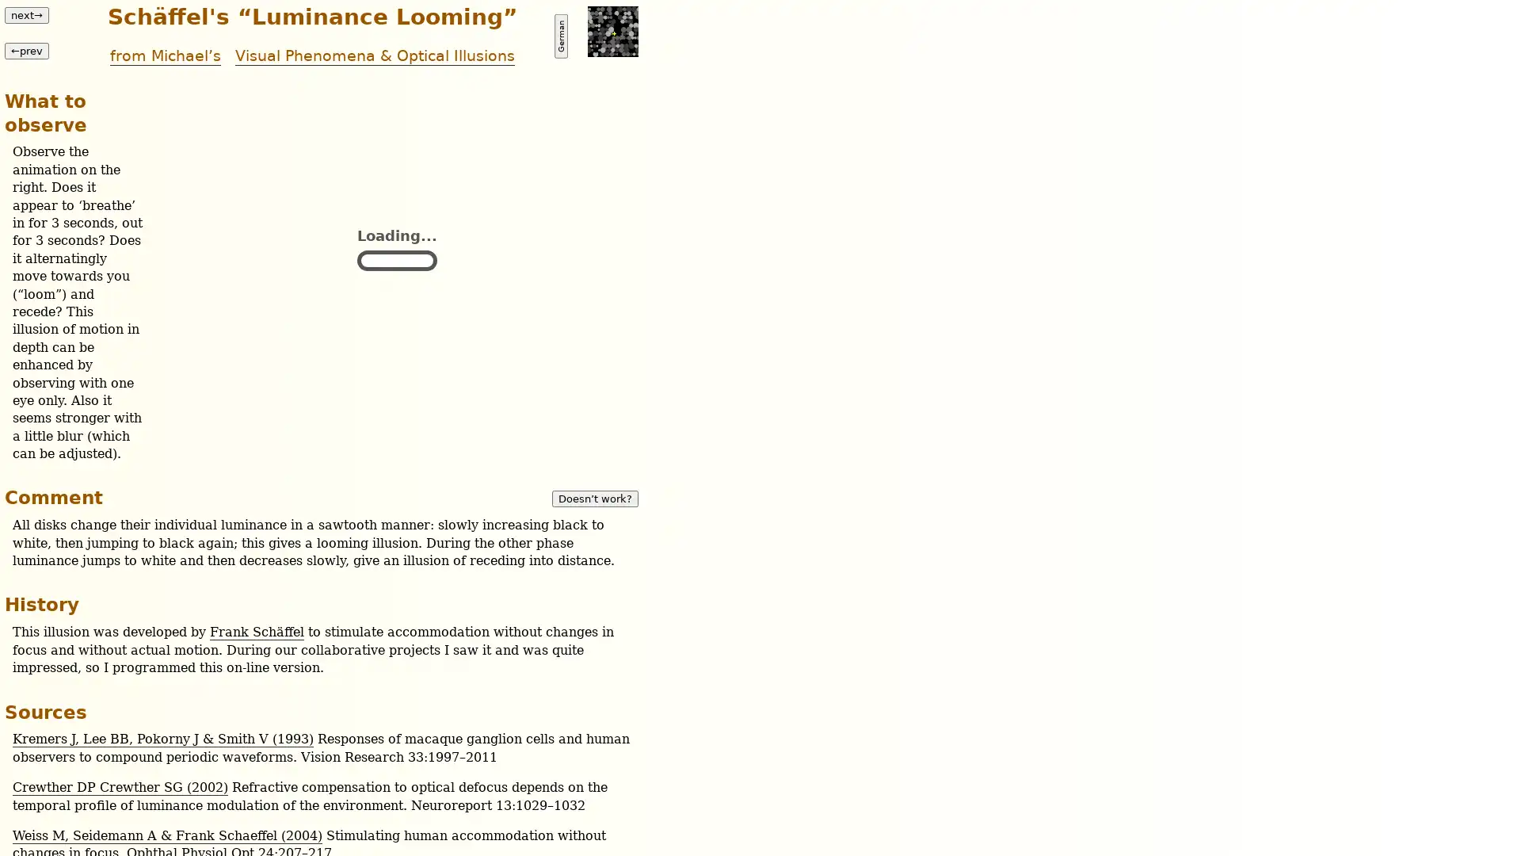  Describe the element at coordinates (26, 15) in the screenshot. I see `next` at that location.